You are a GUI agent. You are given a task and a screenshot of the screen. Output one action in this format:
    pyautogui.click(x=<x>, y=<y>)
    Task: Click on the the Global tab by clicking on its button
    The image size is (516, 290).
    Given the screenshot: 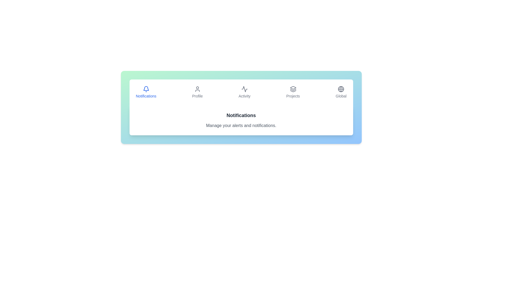 What is the action you would take?
    pyautogui.click(x=341, y=92)
    